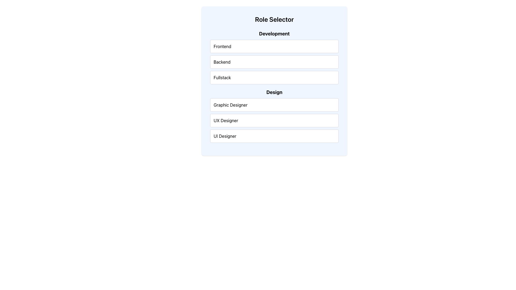  I want to click on the Text Label that serves as a heading for the role selection section, positioned centrally at the top of the interface, so click(274, 19).